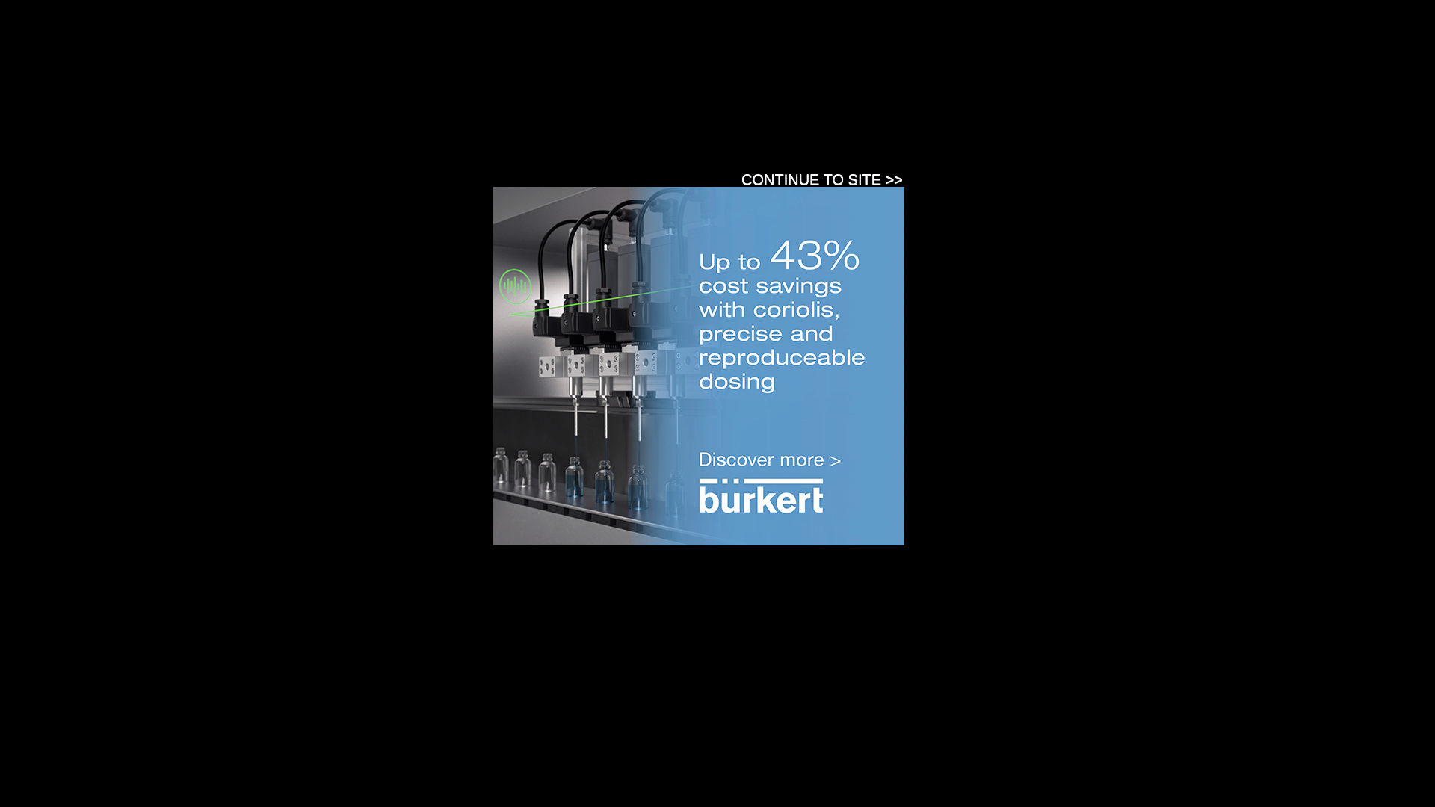 The width and height of the screenshot is (1435, 807). Describe the element at coordinates (698, 365) in the screenshot. I see `'3rd party ad content'` at that location.